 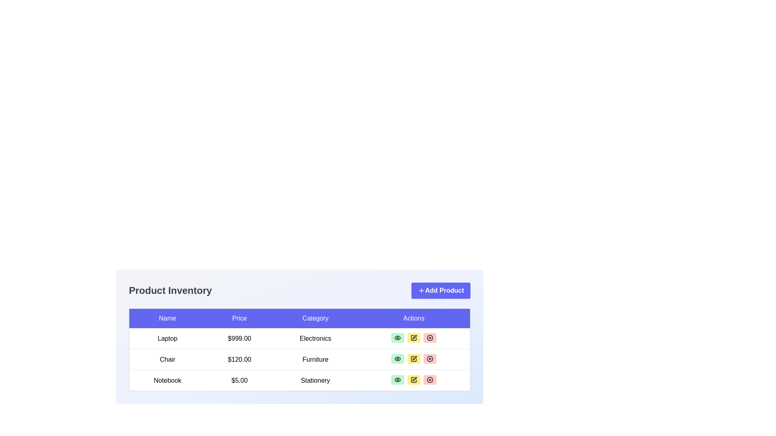 What do you see at coordinates (429, 358) in the screenshot?
I see `the circular red button with an 'X' icon, which is the third button in the 'Actions' column for the 'Furniture' category` at bounding box center [429, 358].